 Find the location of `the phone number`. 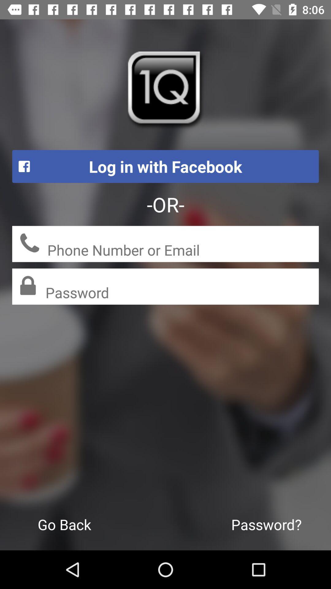

the phone number is located at coordinates (183, 251).